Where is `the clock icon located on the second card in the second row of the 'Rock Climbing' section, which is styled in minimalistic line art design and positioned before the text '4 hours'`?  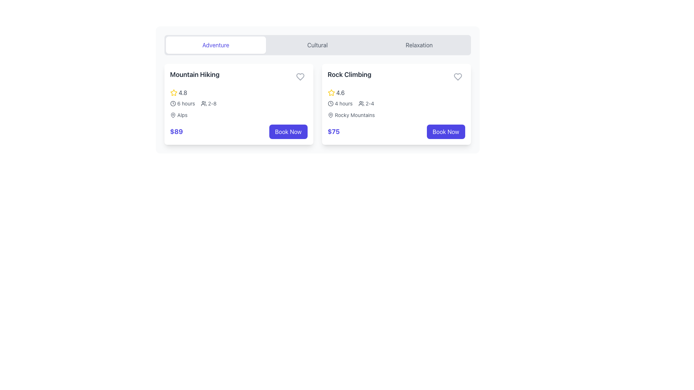
the clock icon located on the second card in the second row of the 'Rock Climbing' section, which is styled in minimalistic line art design and positioned before the text '4 hours' is located at coordinates (330, 103).